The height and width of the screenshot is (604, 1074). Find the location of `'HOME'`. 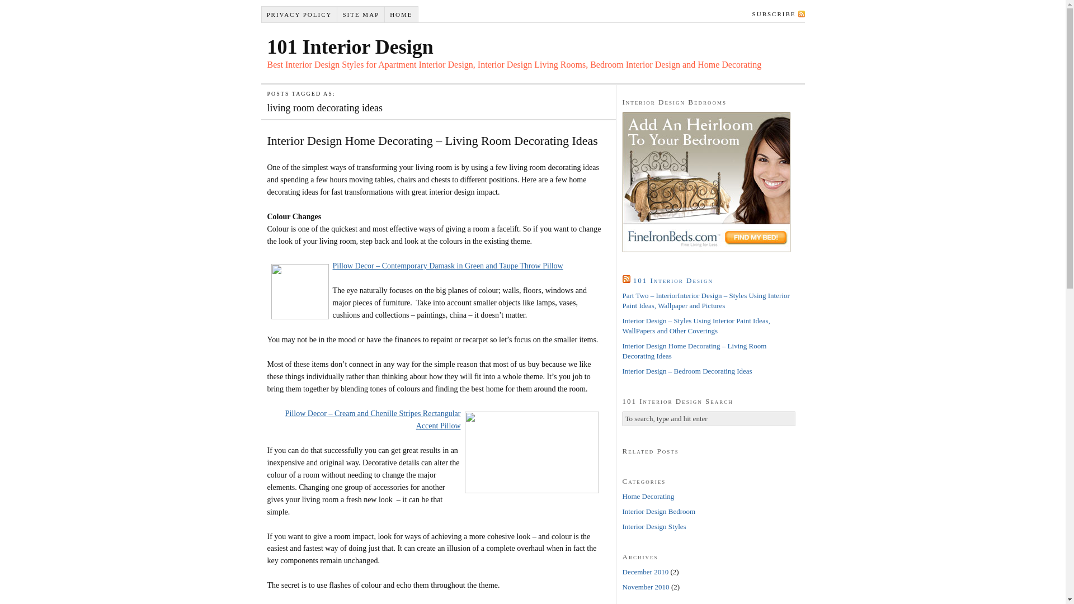

'HOME' is located at coordinates (401, 15).